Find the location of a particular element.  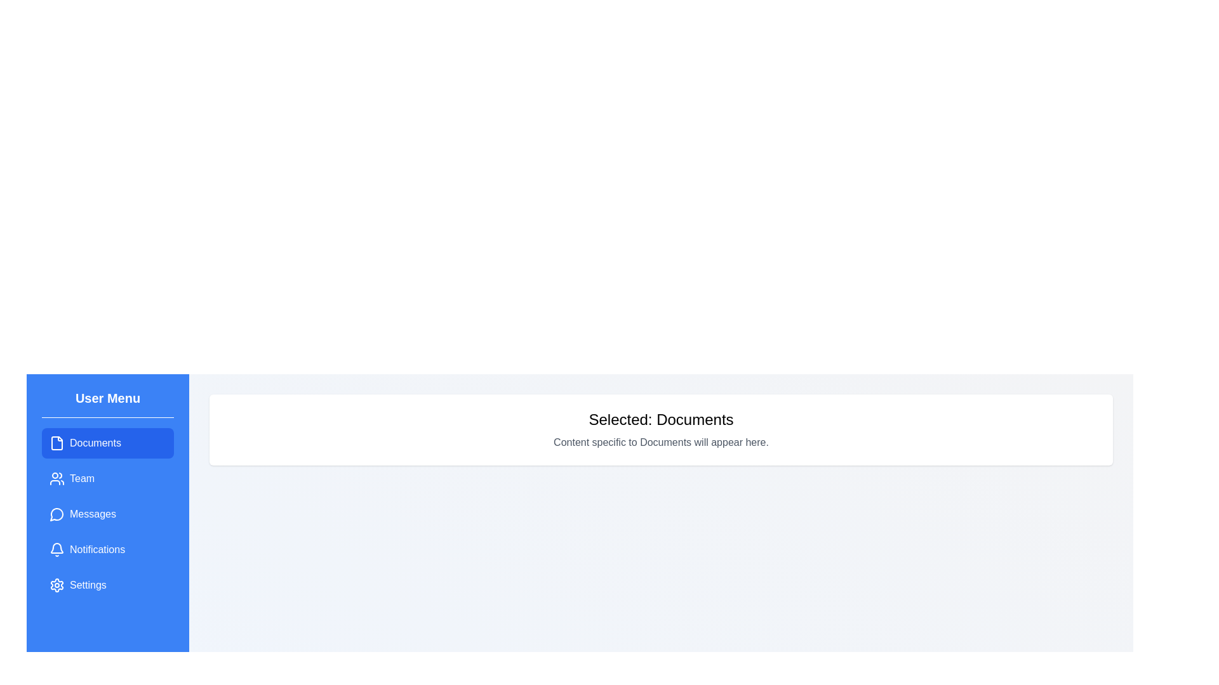

the menu item labeled 'Settings' to observe its hover effect is located at coordinates (107, 585).